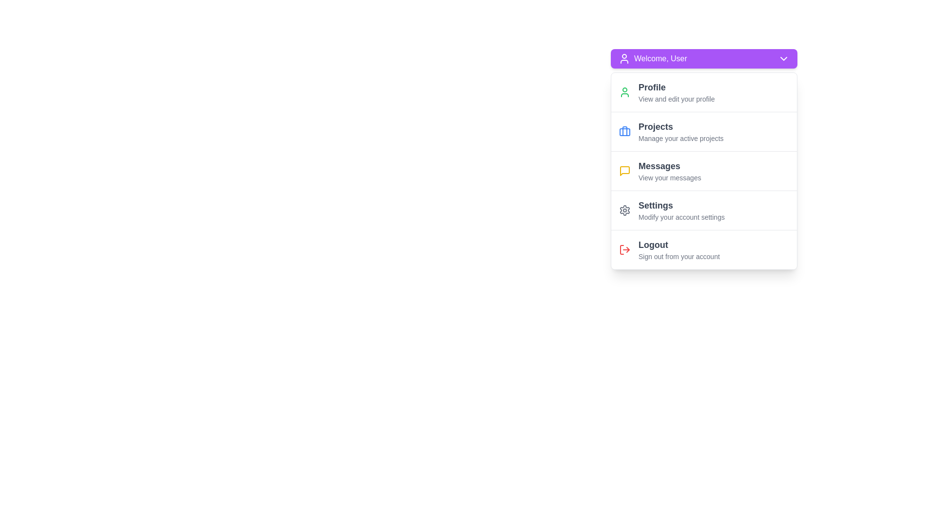 The height and width of the screenshot is (525, 933). What do you see at coordinates (704, 131) in the screenshot?
I see `the 'Projects' menu item, which features a blue briefcase icon and two lines of text` at bounding box center [704, 131].